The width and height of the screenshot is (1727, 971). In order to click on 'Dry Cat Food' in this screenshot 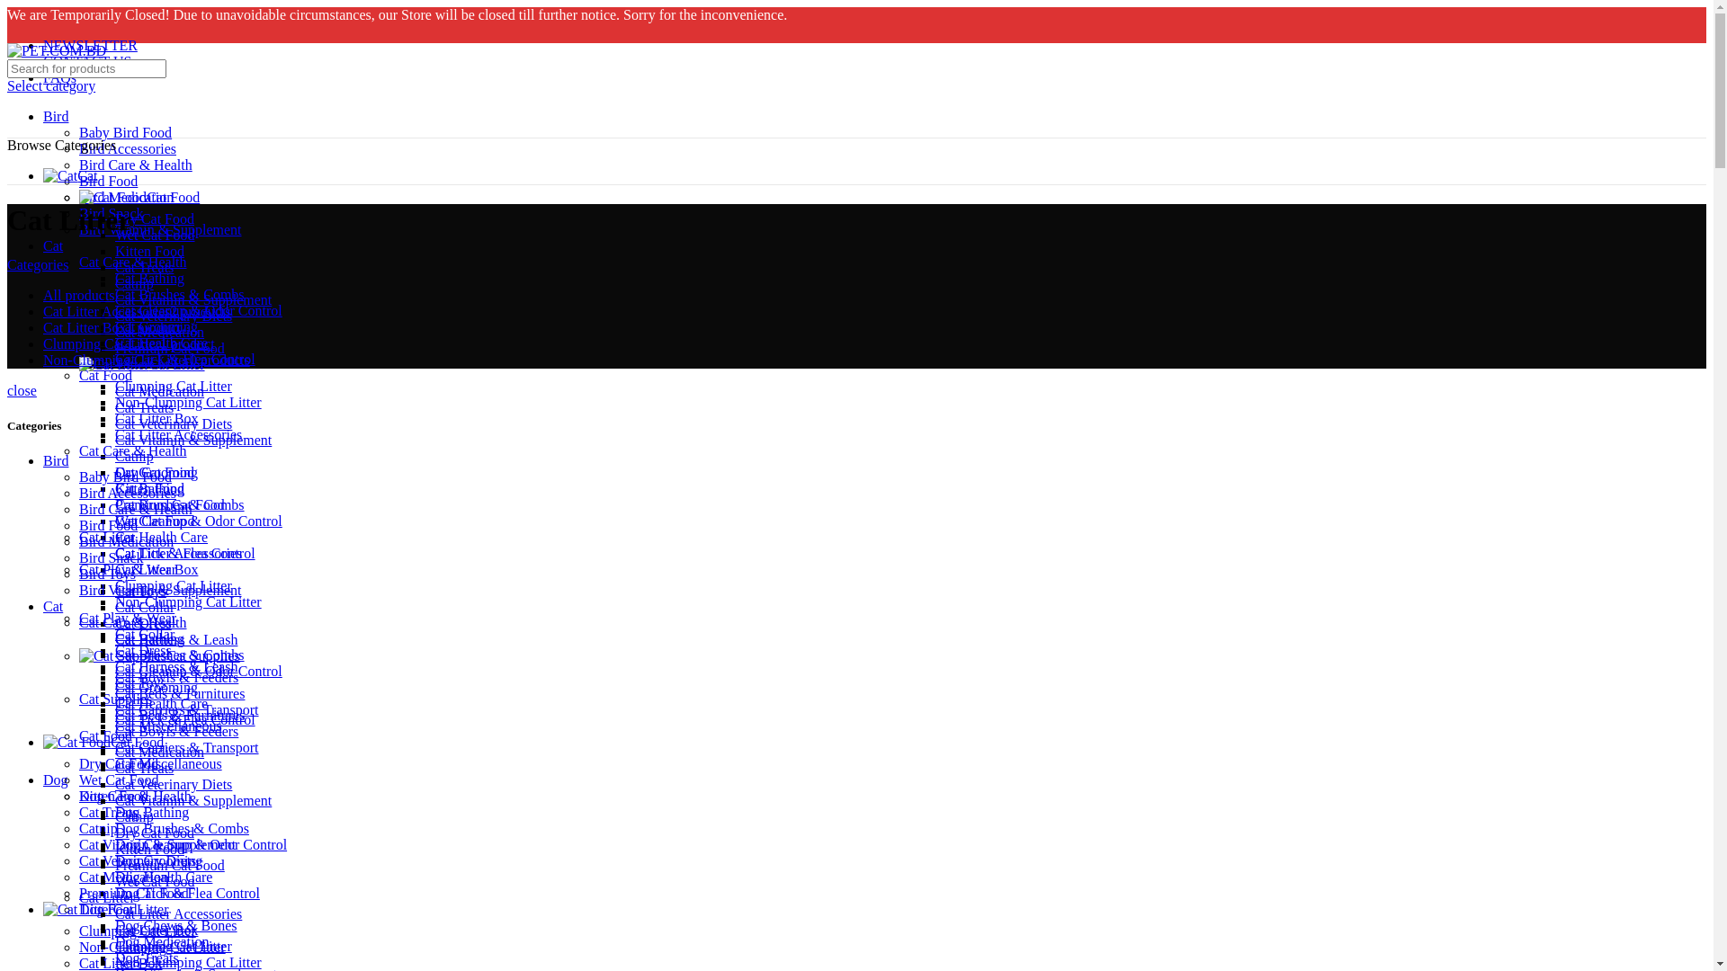, I will do `click(77, 763)`.